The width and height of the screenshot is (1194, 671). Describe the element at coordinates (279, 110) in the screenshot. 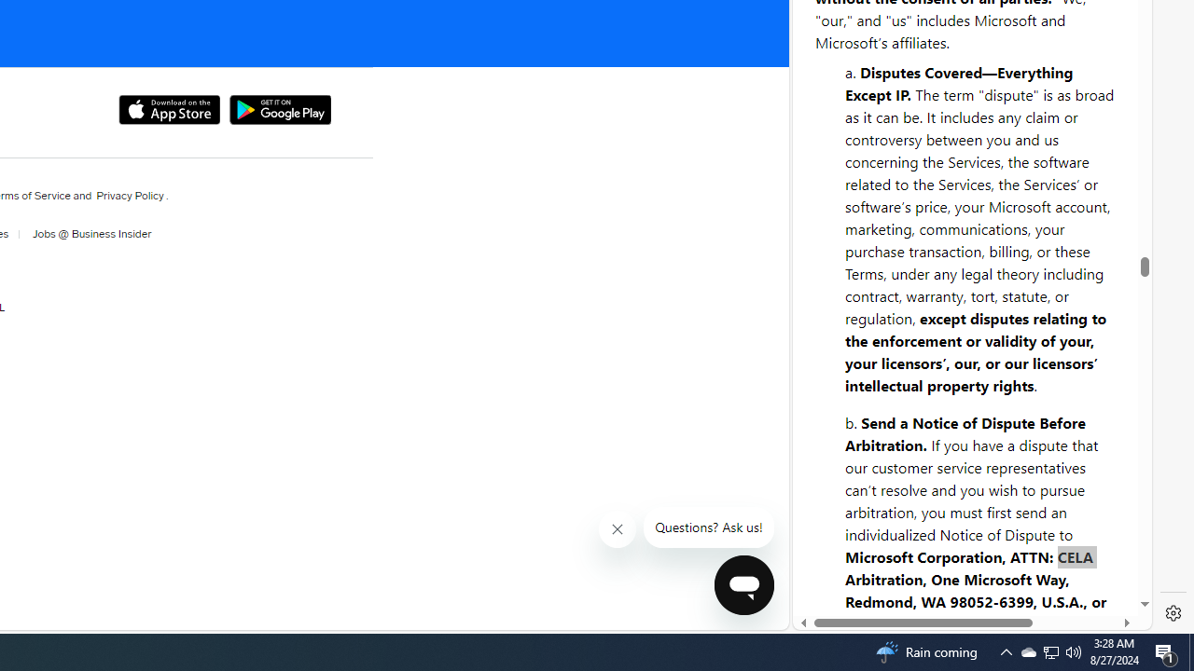

I see `'Get it on Google Play'` at that location.